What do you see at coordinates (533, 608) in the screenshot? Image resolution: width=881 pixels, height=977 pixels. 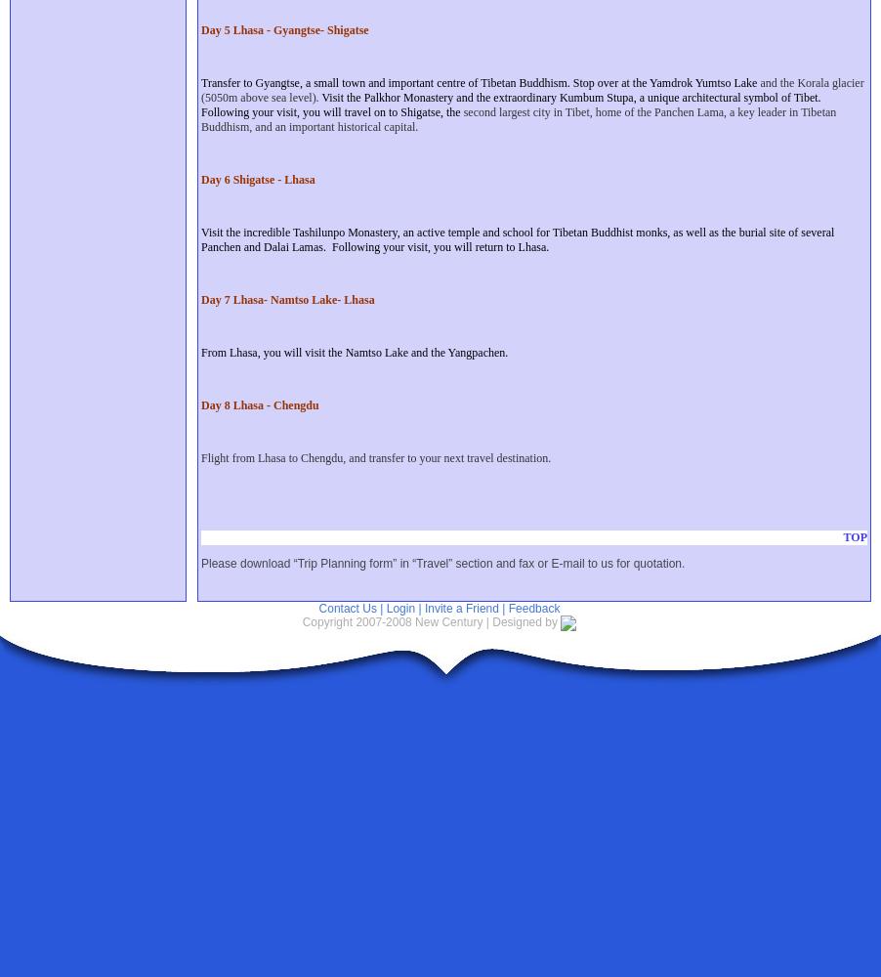 I see `'Feedback'` at bounding box center [533, 608].